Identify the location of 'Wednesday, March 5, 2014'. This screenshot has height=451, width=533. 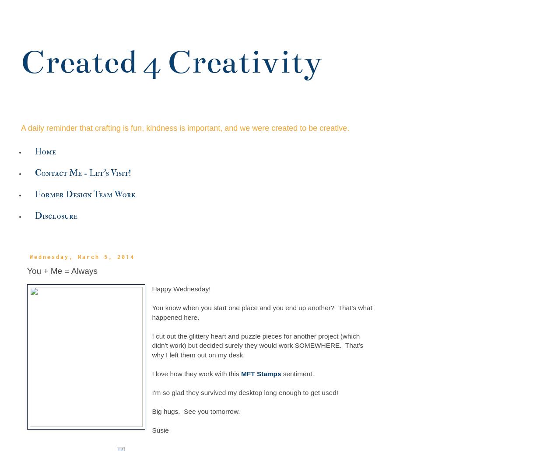
(81, 256).